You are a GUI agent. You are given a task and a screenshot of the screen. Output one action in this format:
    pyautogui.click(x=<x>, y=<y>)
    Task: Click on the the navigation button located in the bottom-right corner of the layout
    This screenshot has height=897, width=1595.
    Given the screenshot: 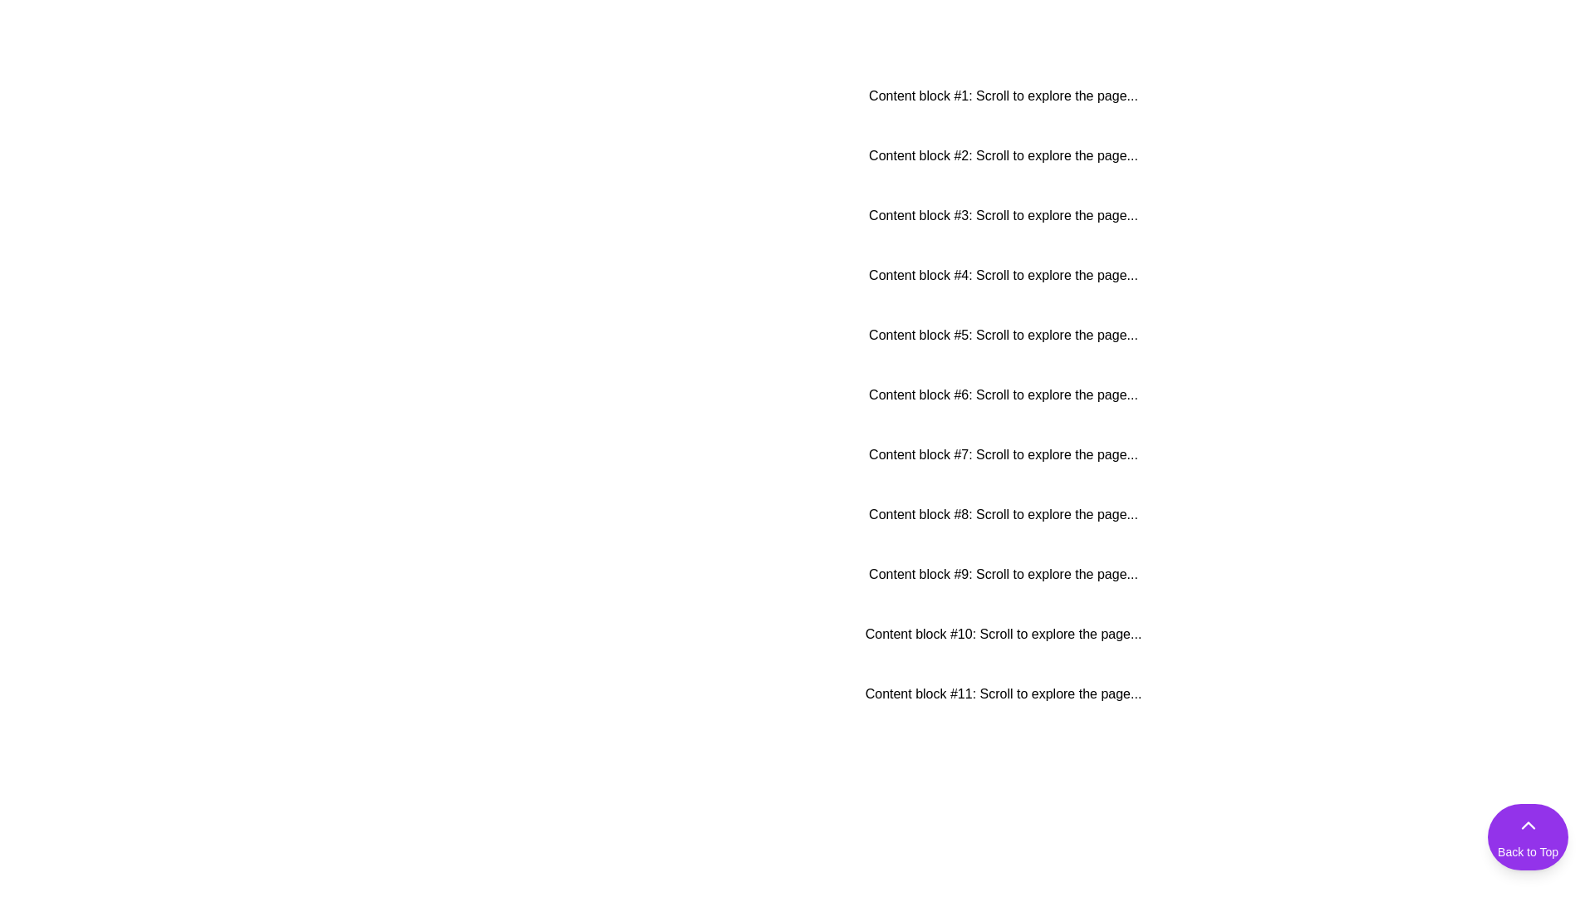 What is the action you would take?
    pyautogui.click(x=1528, y=836)
    